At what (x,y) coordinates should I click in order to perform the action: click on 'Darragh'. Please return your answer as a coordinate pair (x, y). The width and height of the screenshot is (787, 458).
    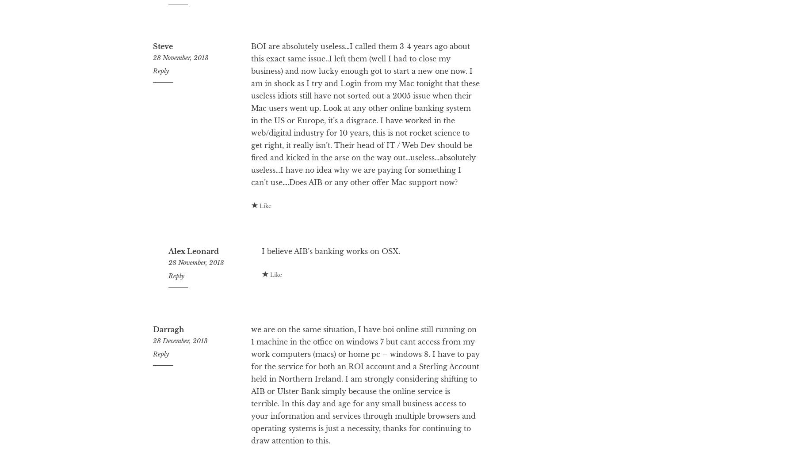
    Looking at the image, I should click on (168, 364).